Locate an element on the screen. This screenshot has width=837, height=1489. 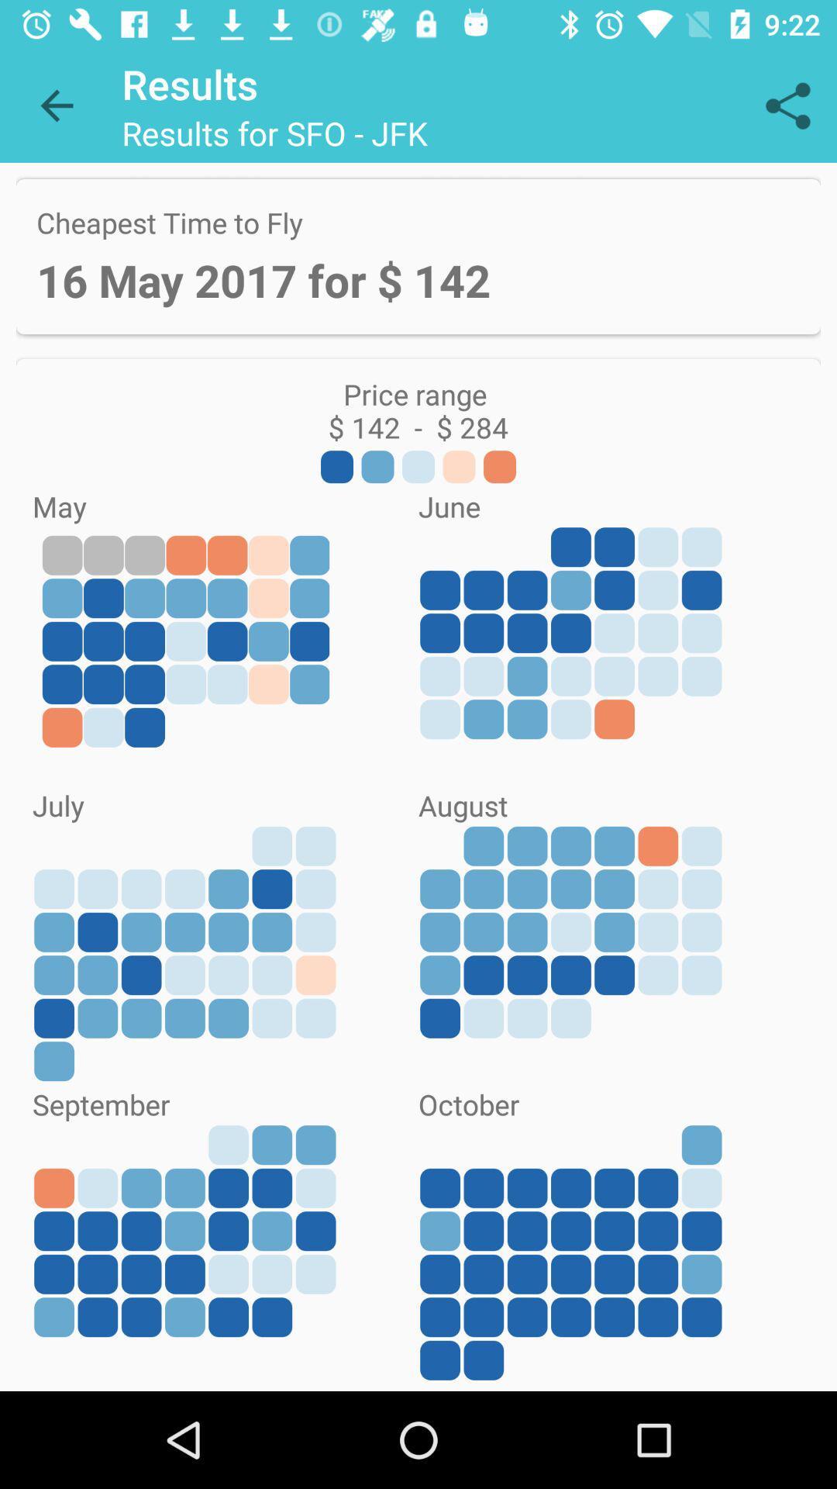
the icon next to results is located at coordinates (56, 105).